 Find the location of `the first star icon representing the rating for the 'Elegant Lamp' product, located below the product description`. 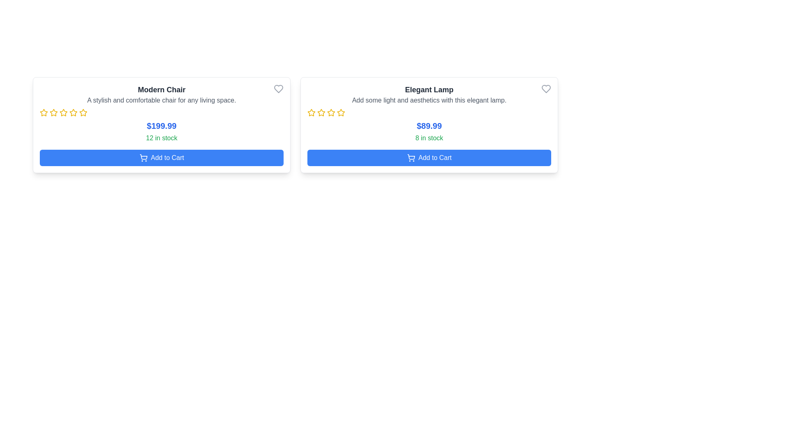

the first star icon representing the rating for the 'Elegant Lamp' product, located below the product description is located at coordinates (311, 112).